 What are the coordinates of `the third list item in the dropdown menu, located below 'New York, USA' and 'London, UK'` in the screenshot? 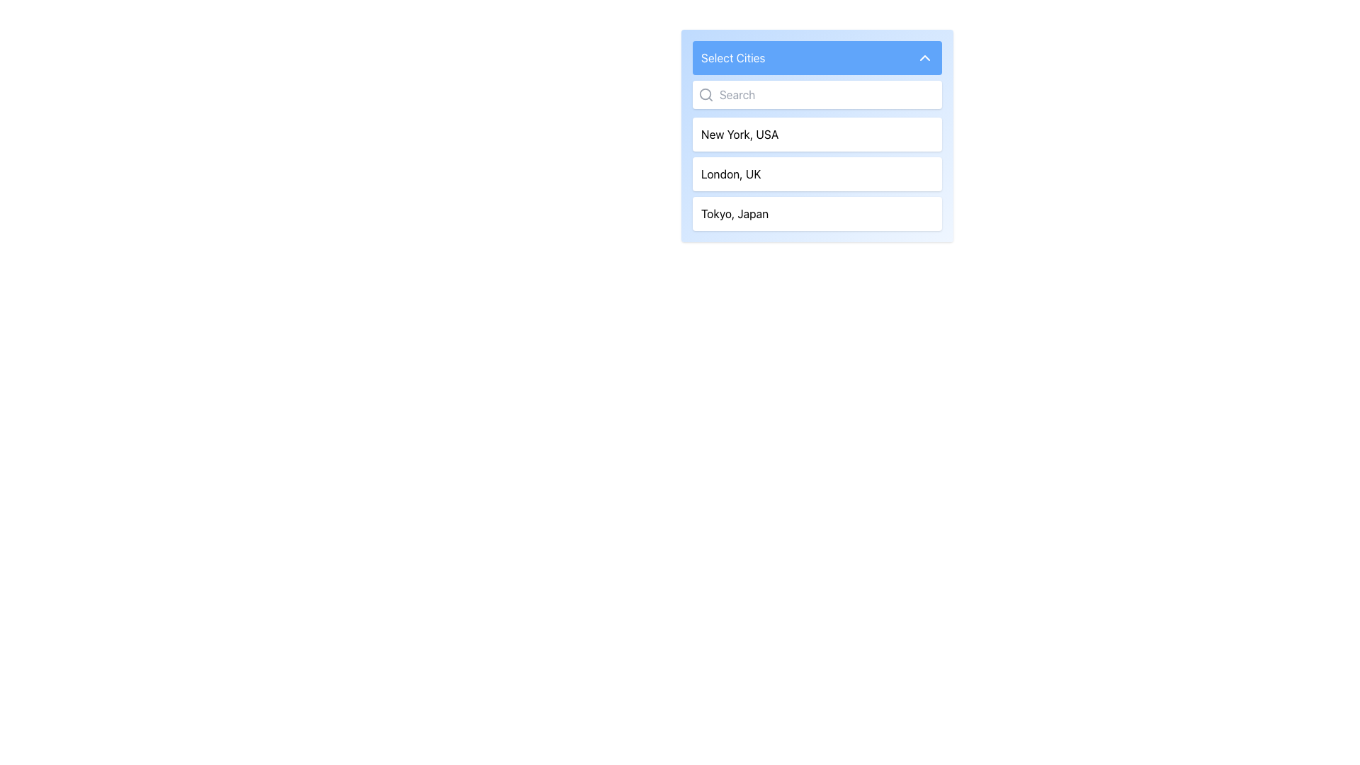 It's located at (817, 213).